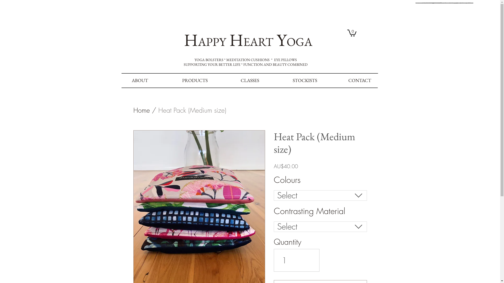 This screenshot has width=504, height=283. What do you see at coordinates (167, 80) in the screenshot?
I see `'PRODUCTS'` at bounding box center [167, 80].